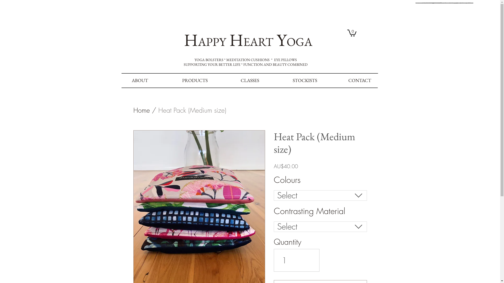 This screenshot has width=504, height=283. What do you see at coordinates (167, 80) in the screenshot?
I see `'PRODUCTS'` at bounding box center [167, 80].